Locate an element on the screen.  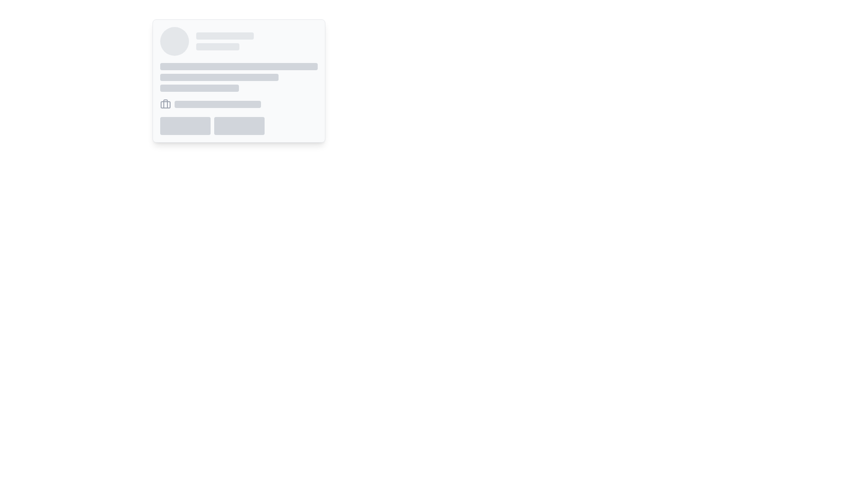
the second rounded horizontal bar with a gray background, which is located between a wider bar above and a smaller bar below is located at coordinates (219, 77).